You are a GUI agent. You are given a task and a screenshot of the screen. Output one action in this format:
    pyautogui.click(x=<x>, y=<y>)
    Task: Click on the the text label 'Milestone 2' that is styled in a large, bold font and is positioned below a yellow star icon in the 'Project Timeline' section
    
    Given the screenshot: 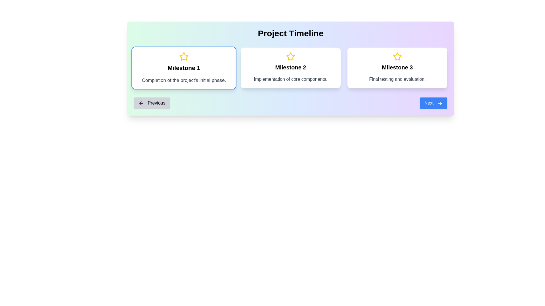 What is the action you would take?
    pyautogui.click(x=290, y=67)
    